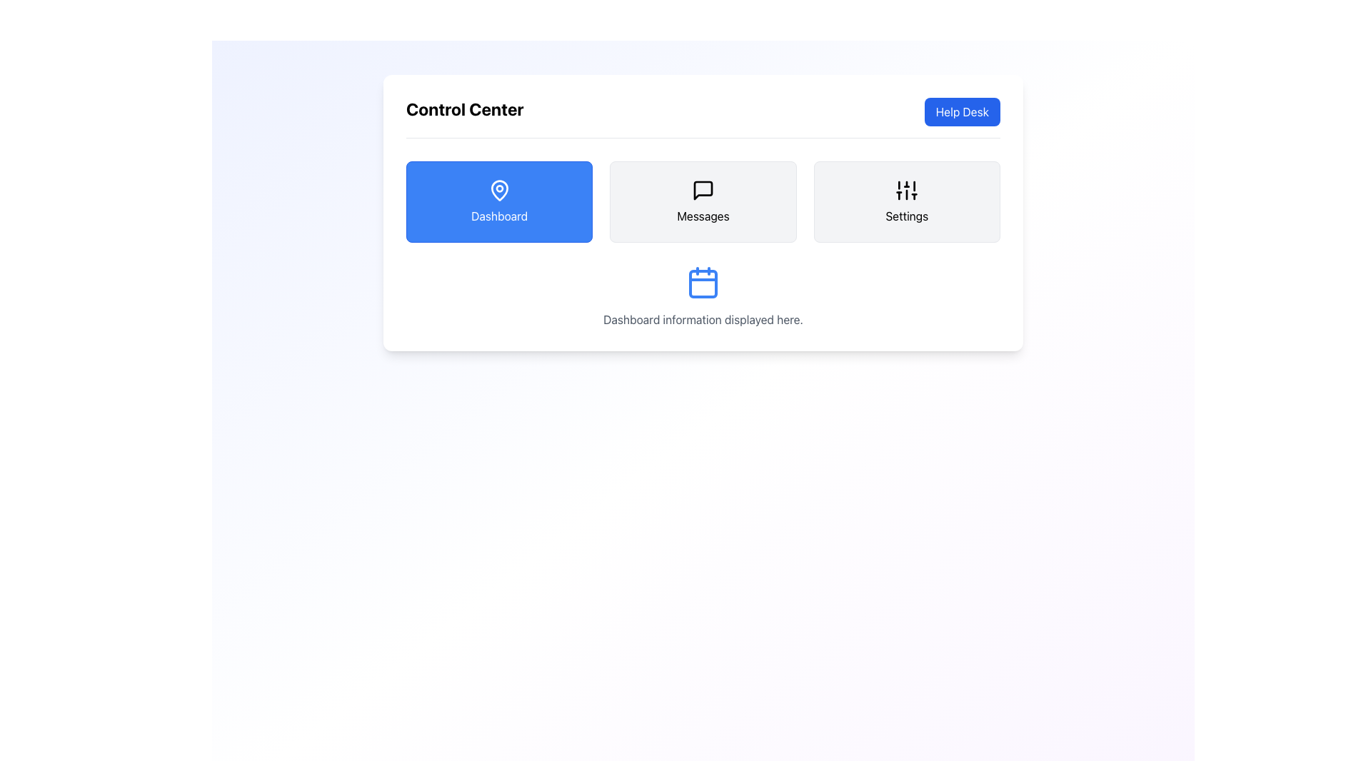 The height and width of the screenshot is (771, 1371). What do you see at coordinates (703, 201) in the screenshot?
I see `the 'Messages' card-style navigation element, which features a speech bubble icon and is the second card in a row of three cards` at bounding box center [703, 201].